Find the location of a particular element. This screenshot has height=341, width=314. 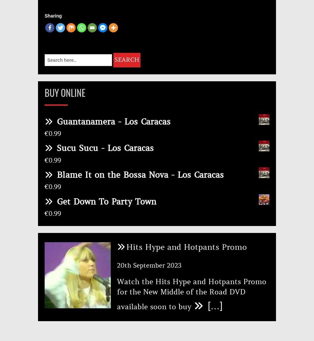

'Buy Online' is located at coordinates (65, 93).